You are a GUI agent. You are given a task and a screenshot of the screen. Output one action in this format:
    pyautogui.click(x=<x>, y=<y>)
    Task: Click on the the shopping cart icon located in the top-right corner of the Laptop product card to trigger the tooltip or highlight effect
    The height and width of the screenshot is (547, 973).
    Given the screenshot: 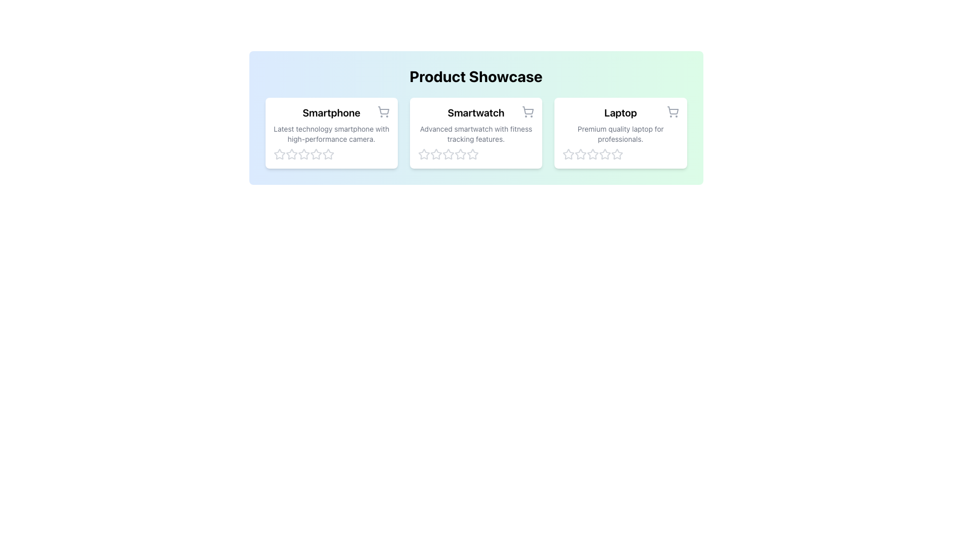 What is the action you would take?
    pyautogui.click(x=672, y=111)
    